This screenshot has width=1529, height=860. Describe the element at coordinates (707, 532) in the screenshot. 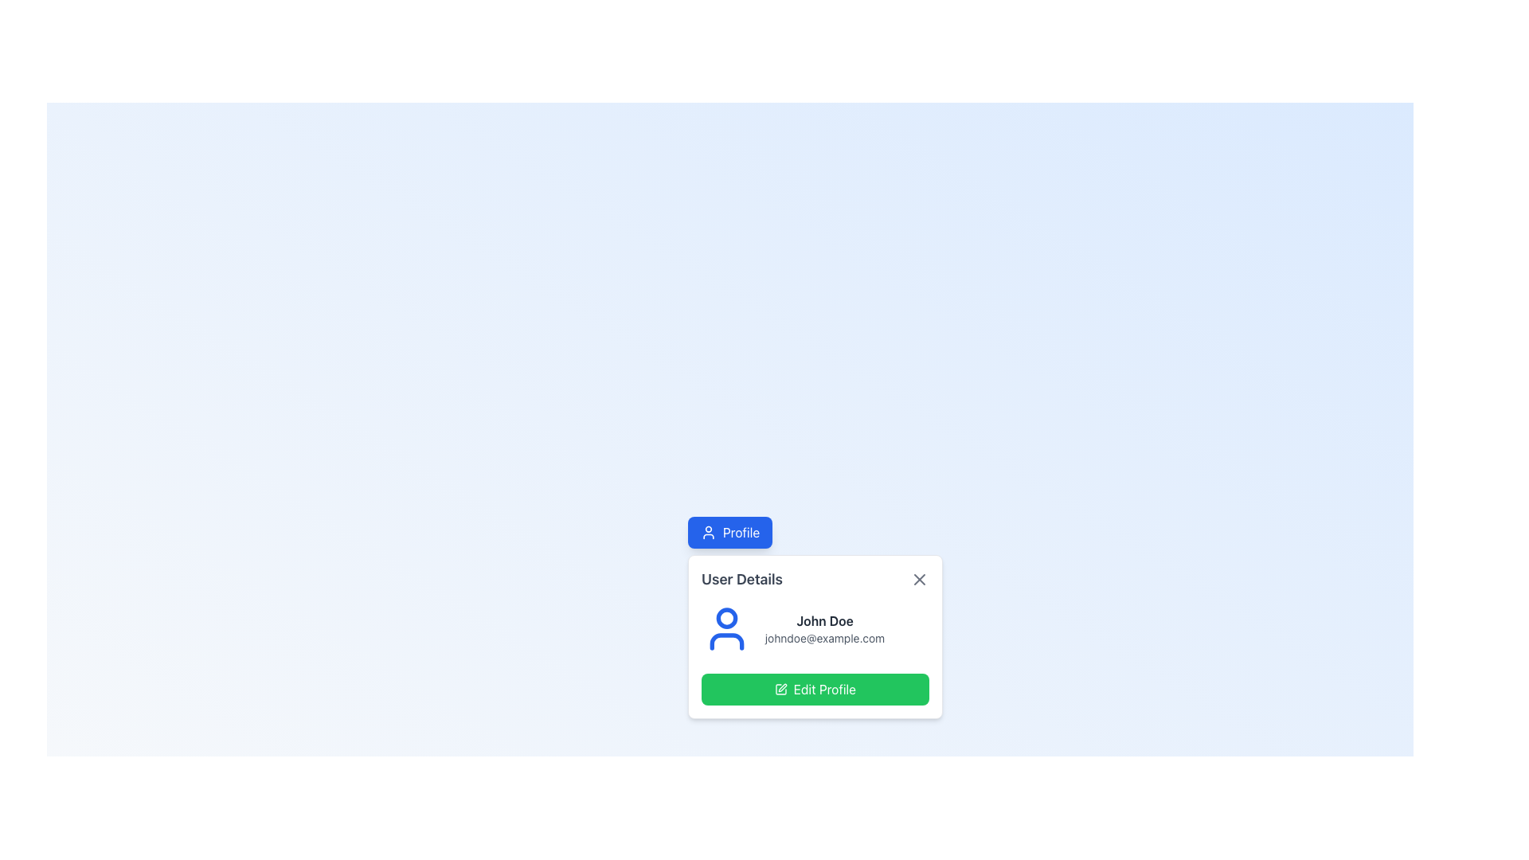

I see `the user profile icon located within the 'Profile' button at the top-central area of the interface` at that location.